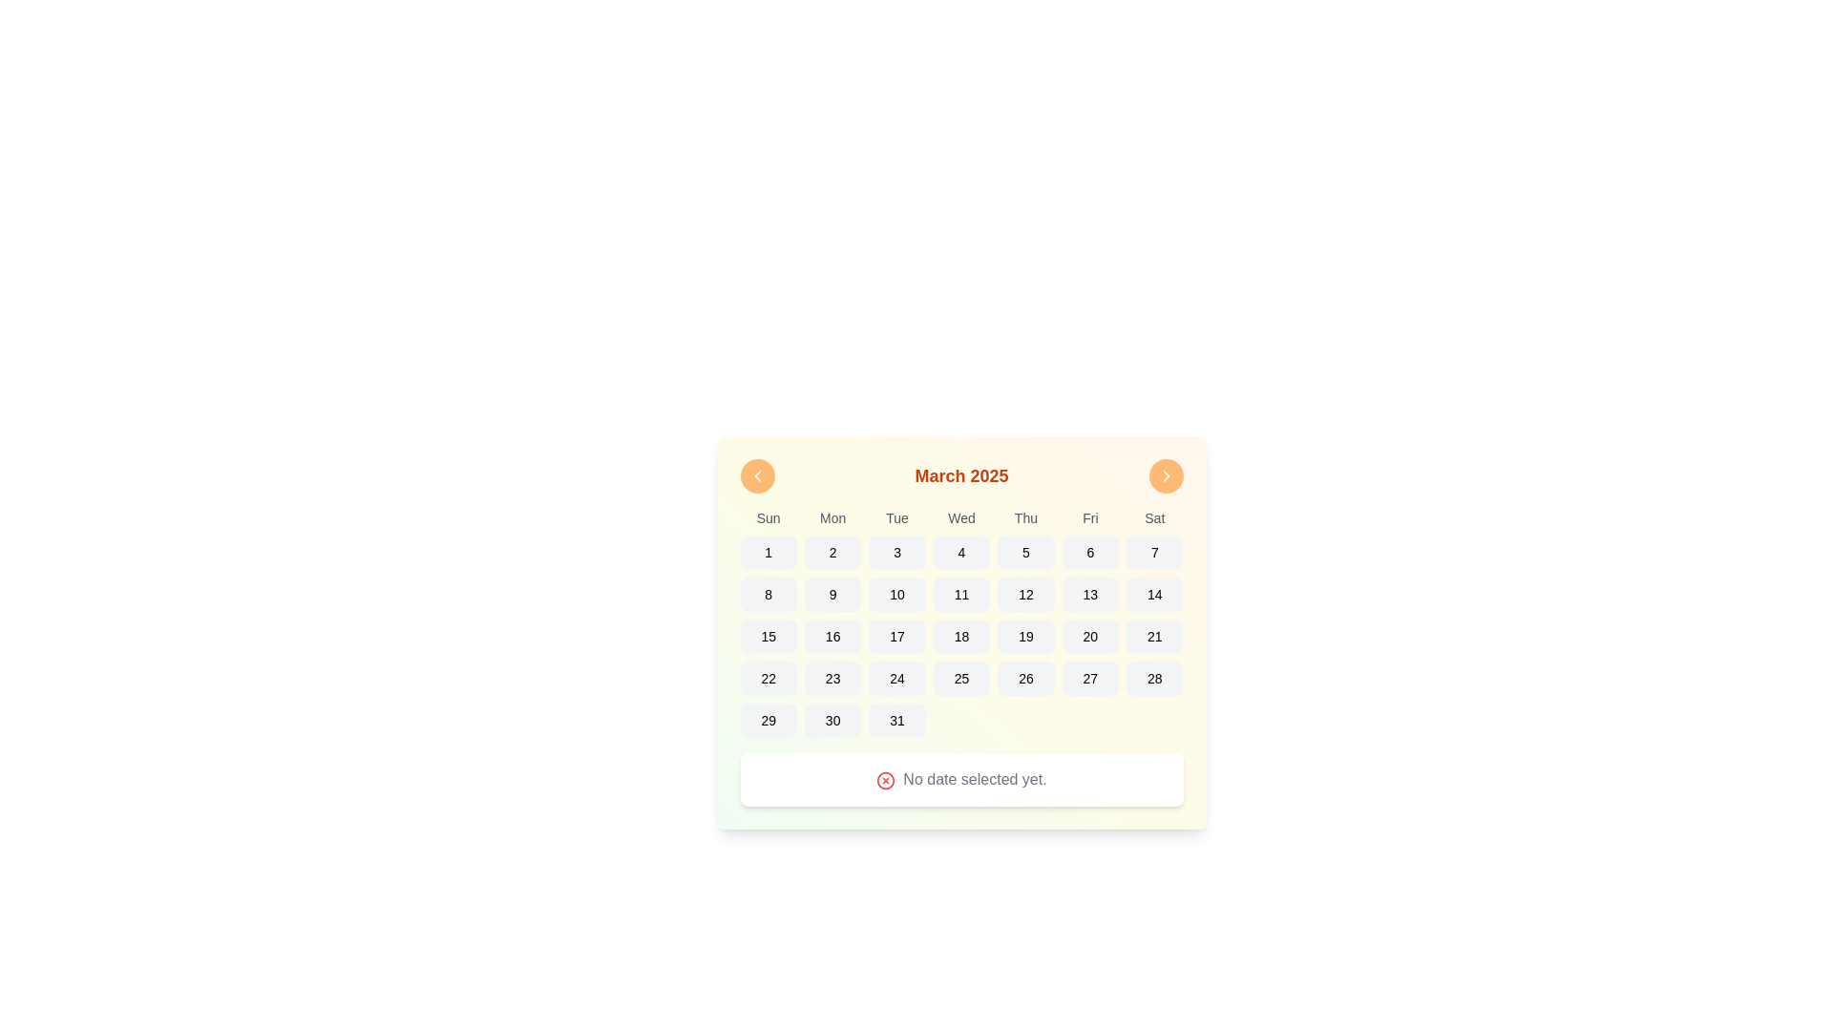  Describe the element at coordinates (832, 552) in the screenshot. I see `the interactive calendar date button representing the selectable date '2' located in the first row under the 'Mon' header` at that location.